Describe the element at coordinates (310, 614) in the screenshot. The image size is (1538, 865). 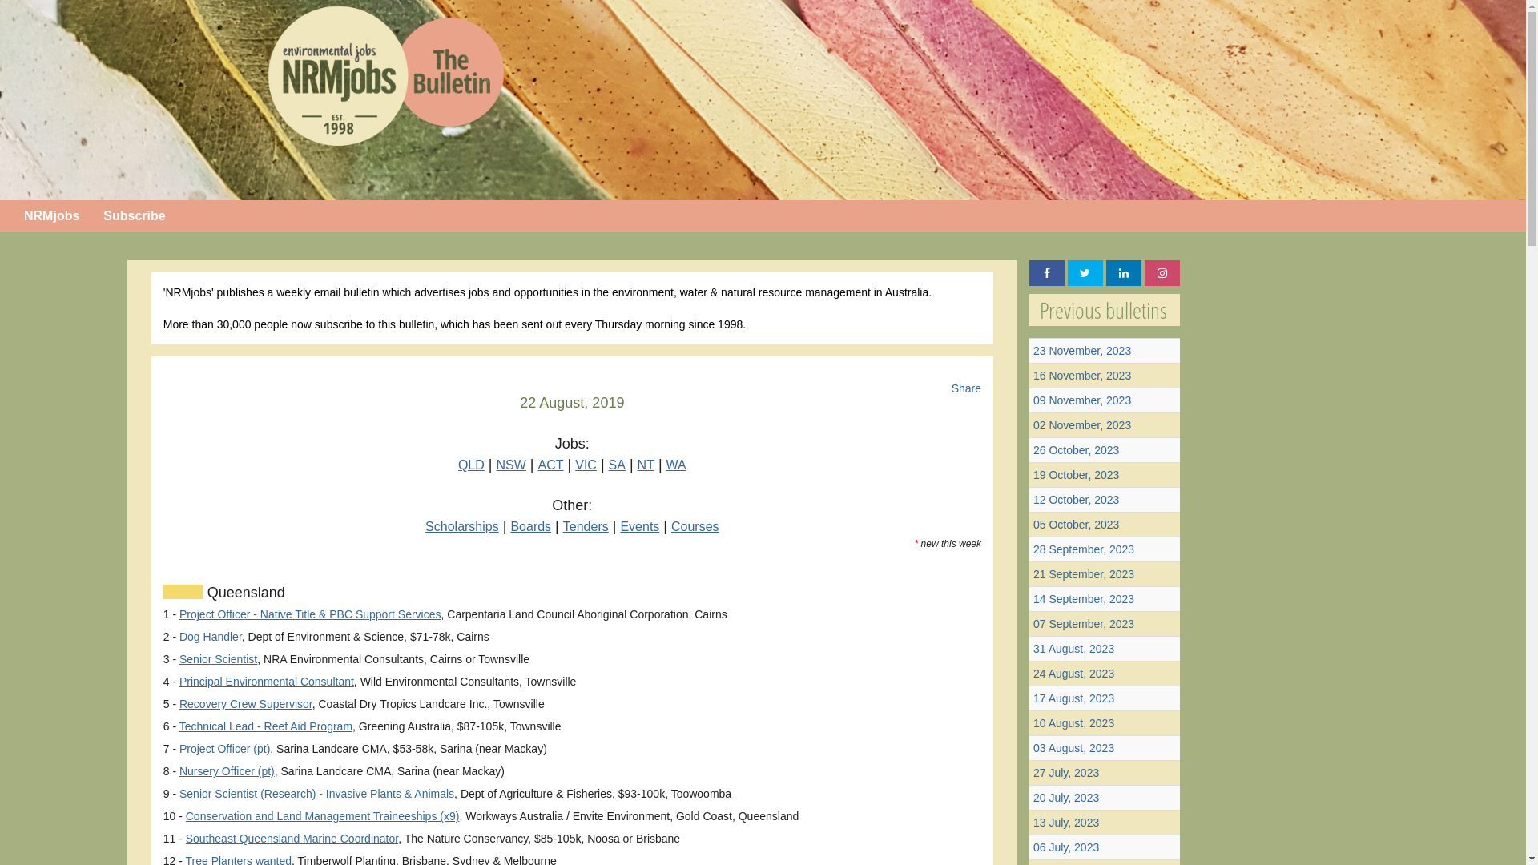
I see `'Project Officer - Native Title & PBC Support Services'` at that location.